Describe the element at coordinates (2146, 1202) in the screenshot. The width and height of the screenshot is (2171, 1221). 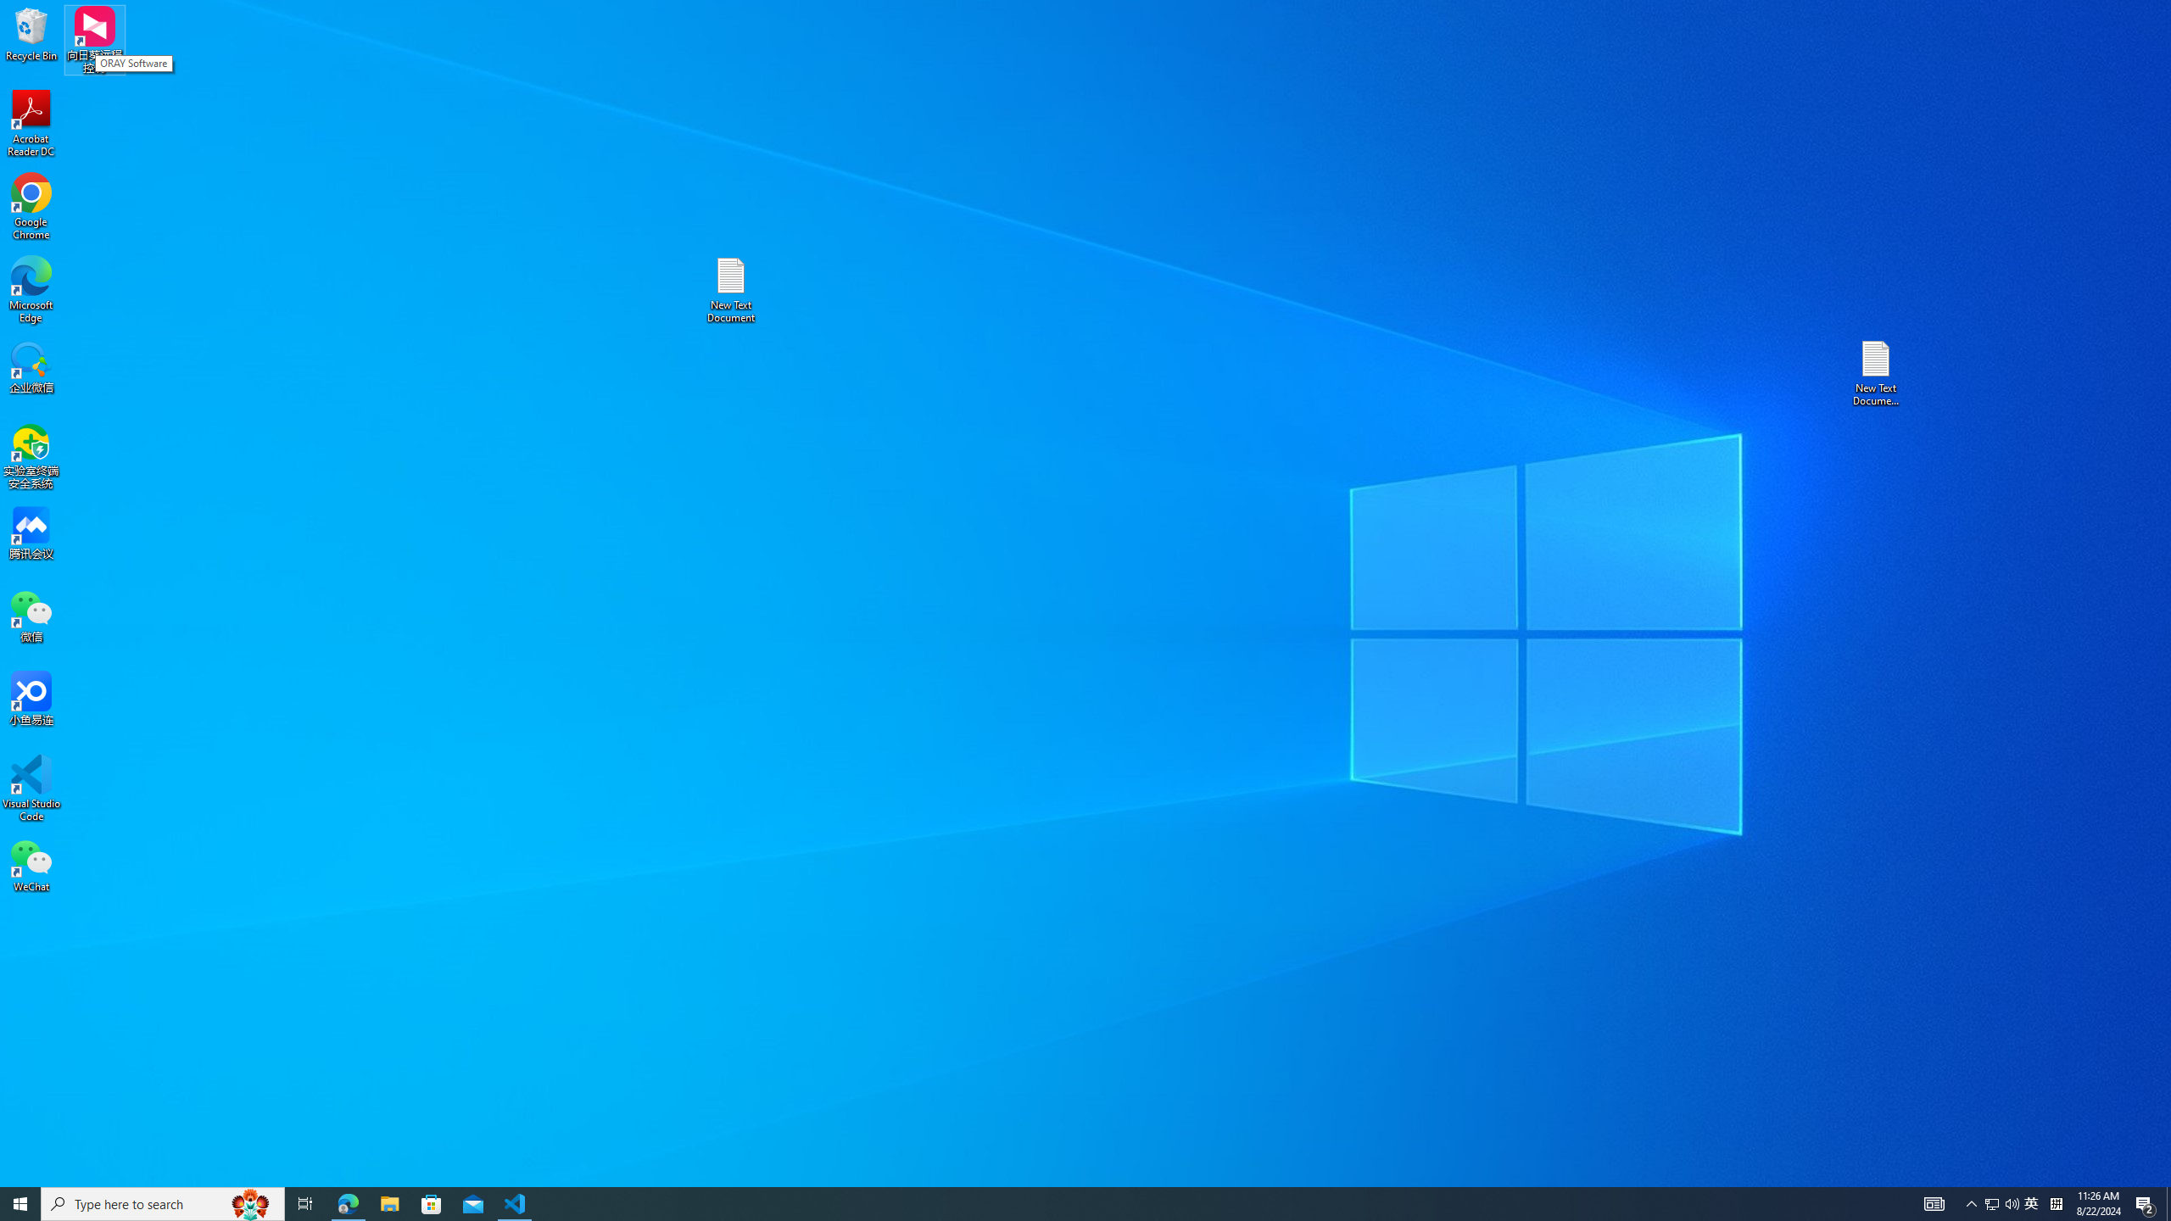
I see `'Action Center, 2 new notifications'` at that location.